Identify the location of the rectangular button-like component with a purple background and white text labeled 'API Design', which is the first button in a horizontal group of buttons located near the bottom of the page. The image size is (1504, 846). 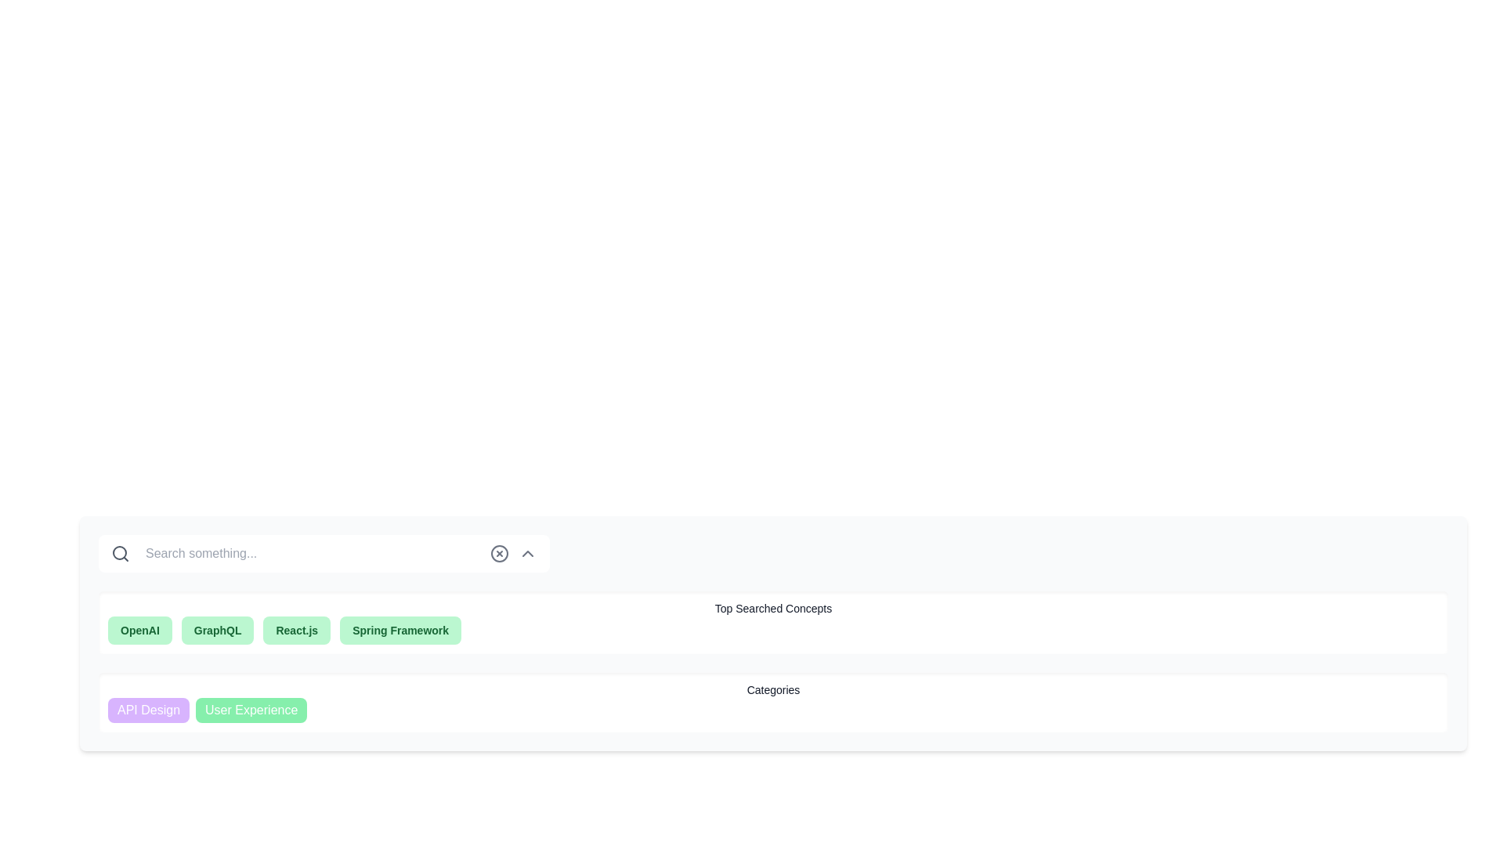
(149, 710).